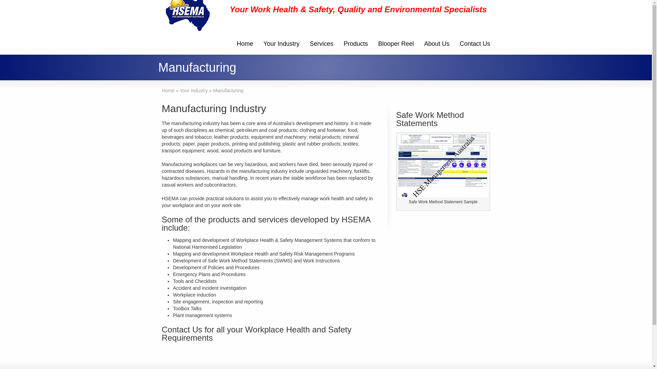  Describe the element at coordinates (474, 44) in the screenshot. I see `'Contact Us'` at that location.